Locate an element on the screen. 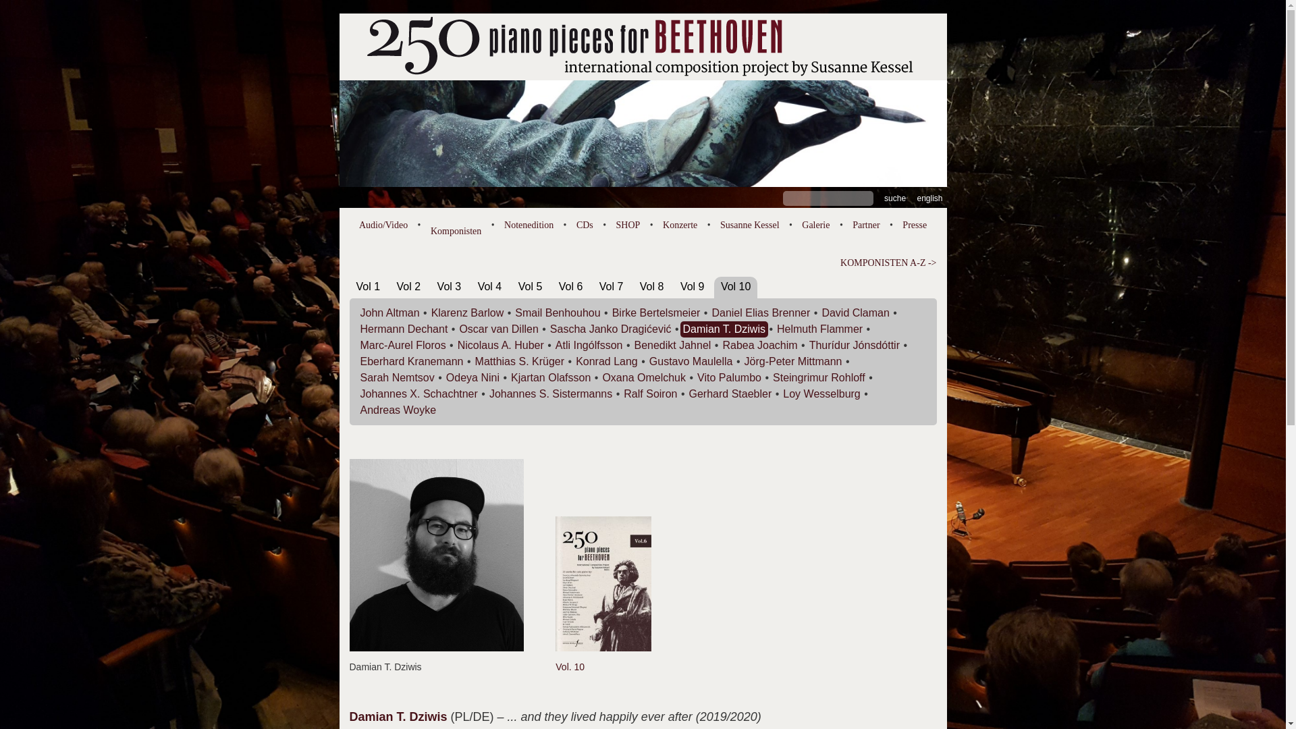 The width and height of the screenshot is (1296, 729). 'Vito Palumbo' is located at coordinates (728, 377).